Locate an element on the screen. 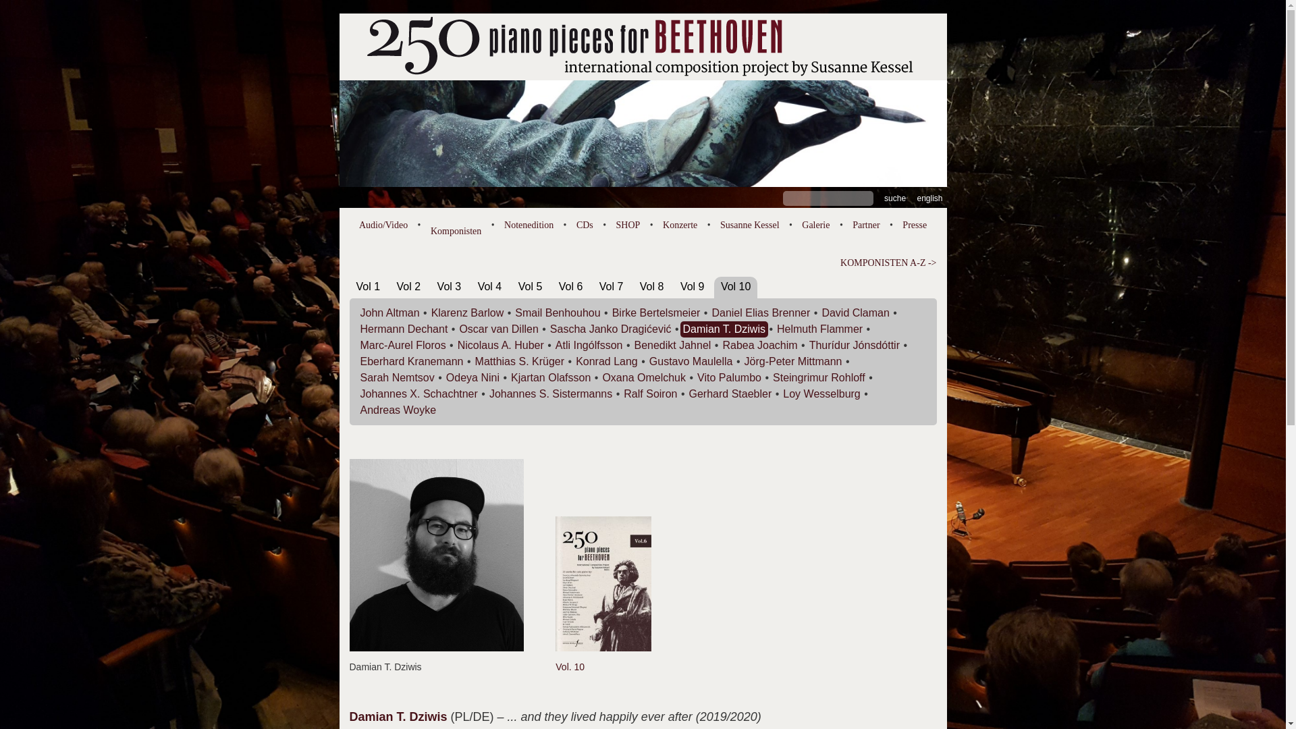 The width and height of the screenshot is (1296, 729). 'Vito Palumbo' is located at coordinates (728, 377).